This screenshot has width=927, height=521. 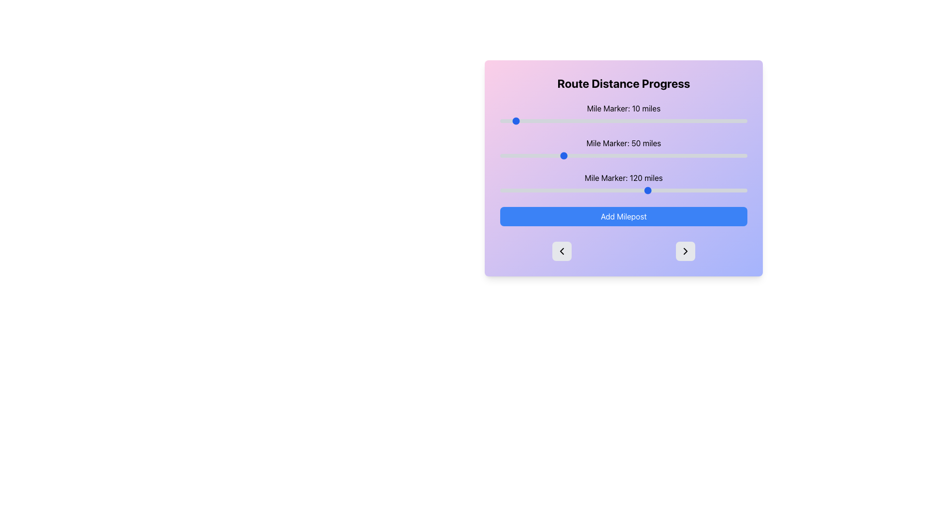 What do you see at coordinates (606, 155) in the screenshot?
I see `the slider` at bounding box center [606, 155].